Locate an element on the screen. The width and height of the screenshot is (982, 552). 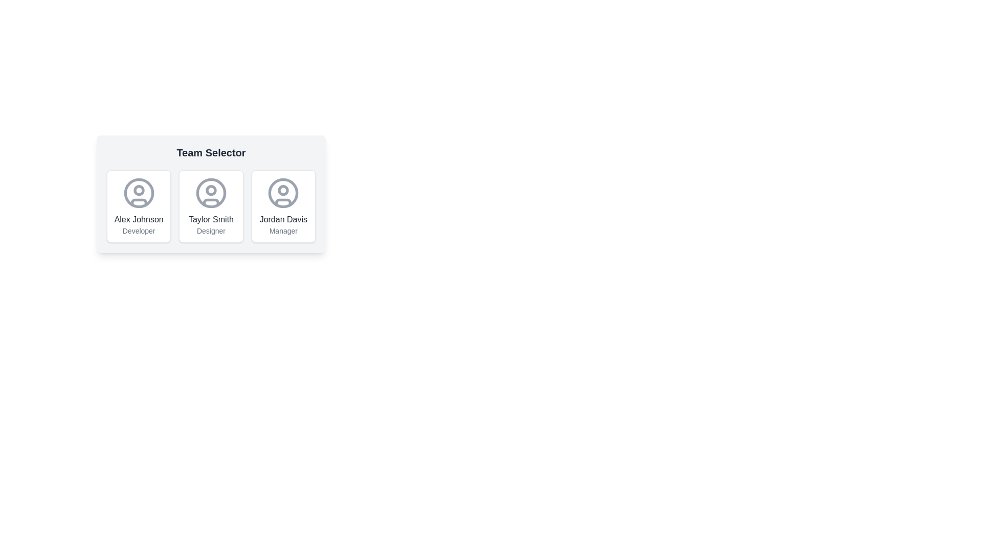
the Circle element representing the status or attribute related to Jordan Davis's user profile, which is located inside his profile icon is located at coordinates (283, 190).